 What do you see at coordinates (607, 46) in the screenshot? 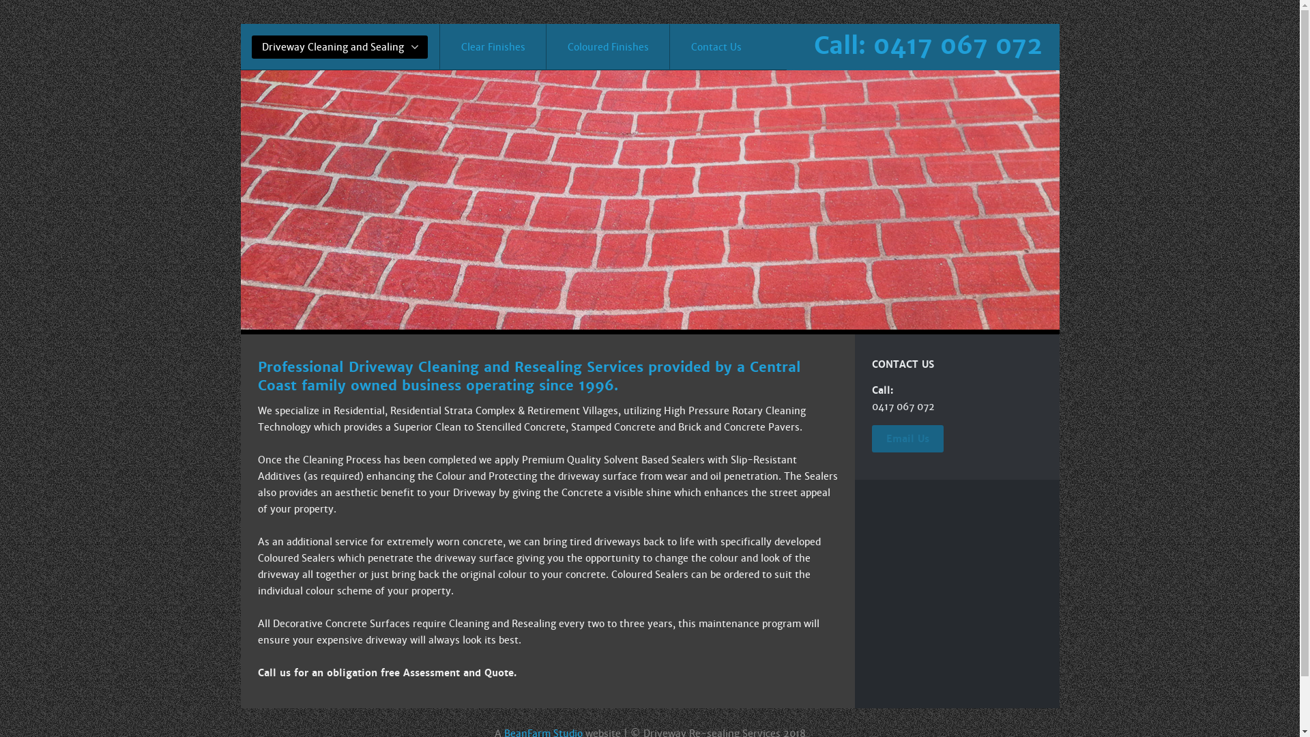
I see `'Coloured Finishes'` at bounding box center [607, 46].